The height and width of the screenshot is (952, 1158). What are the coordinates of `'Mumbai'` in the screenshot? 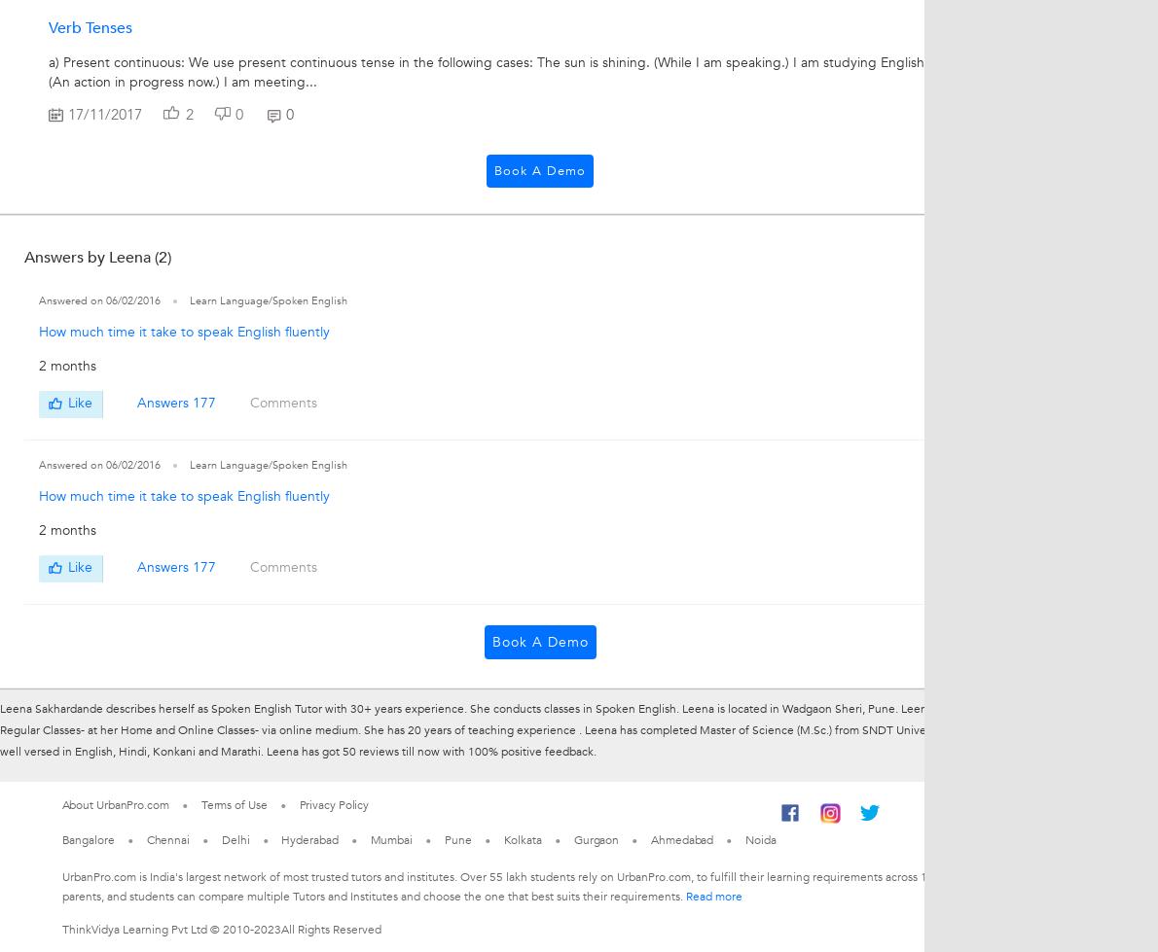 It's located at (390, 837).